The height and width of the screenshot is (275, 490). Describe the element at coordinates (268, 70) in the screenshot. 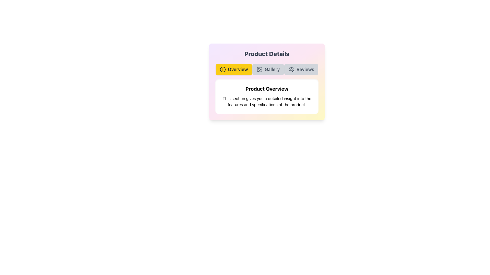

I see `the 'Gallery' button, which is a rounded rectangle with a light gray background and darker gray text, located between the 'Overview' and 'Reviews' buttons` at that location.